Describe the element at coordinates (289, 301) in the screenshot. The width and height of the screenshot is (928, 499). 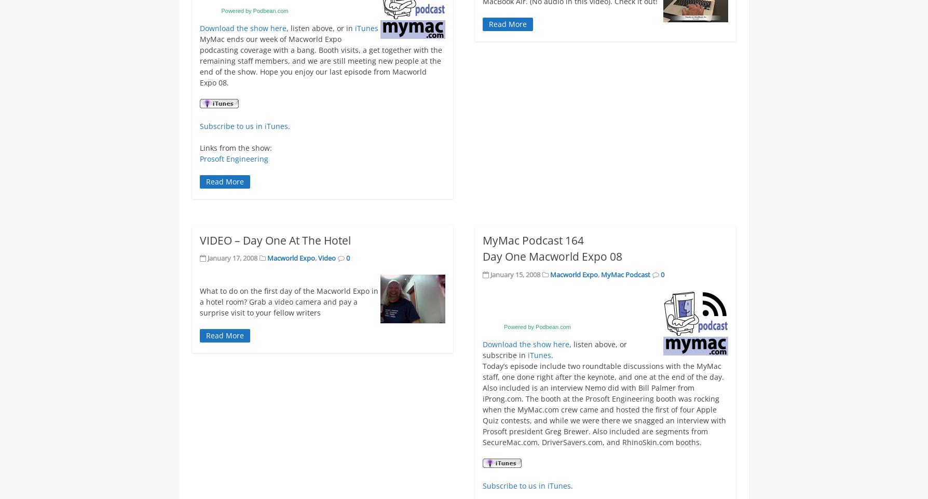
I see `'What to do on the first day of the Macworld Expo in a hotel room? Grab a video camera and pay a surprise visit to your fellow writers'` at that location.